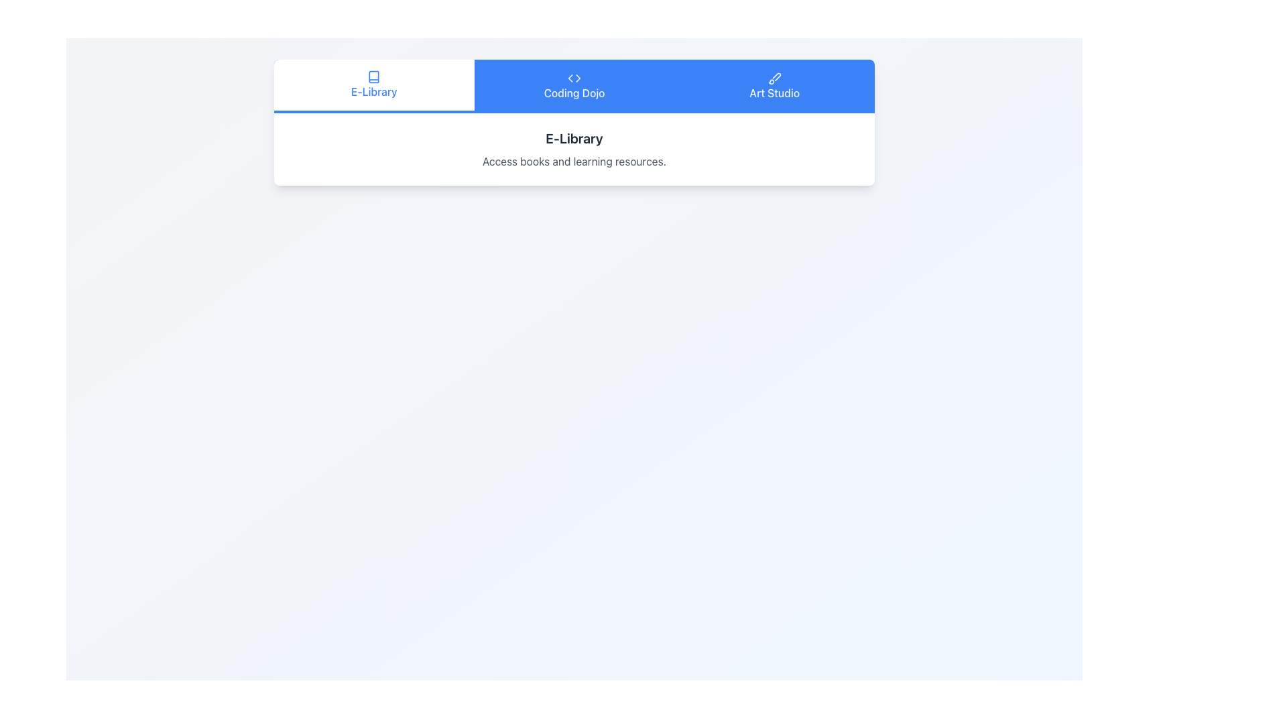 The height and width of the screenshot is (724, 1287). What do you see at coordinates (574, 86) in the screenshot?
I see `the 'Coding Dojo' button, which is centrally aligned in the header menu bar and features a minimalist code-like icon above the text` at bounding box center [574, 86].